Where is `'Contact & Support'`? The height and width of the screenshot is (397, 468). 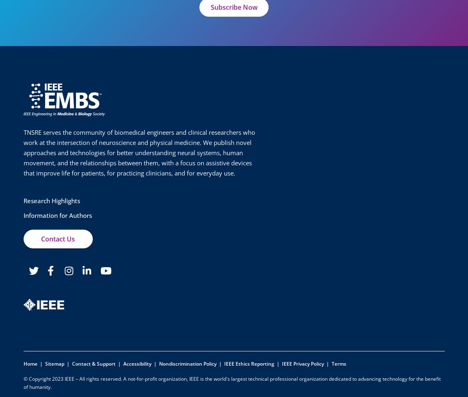
'Contact & Support' is located at coordinates (93, 363).